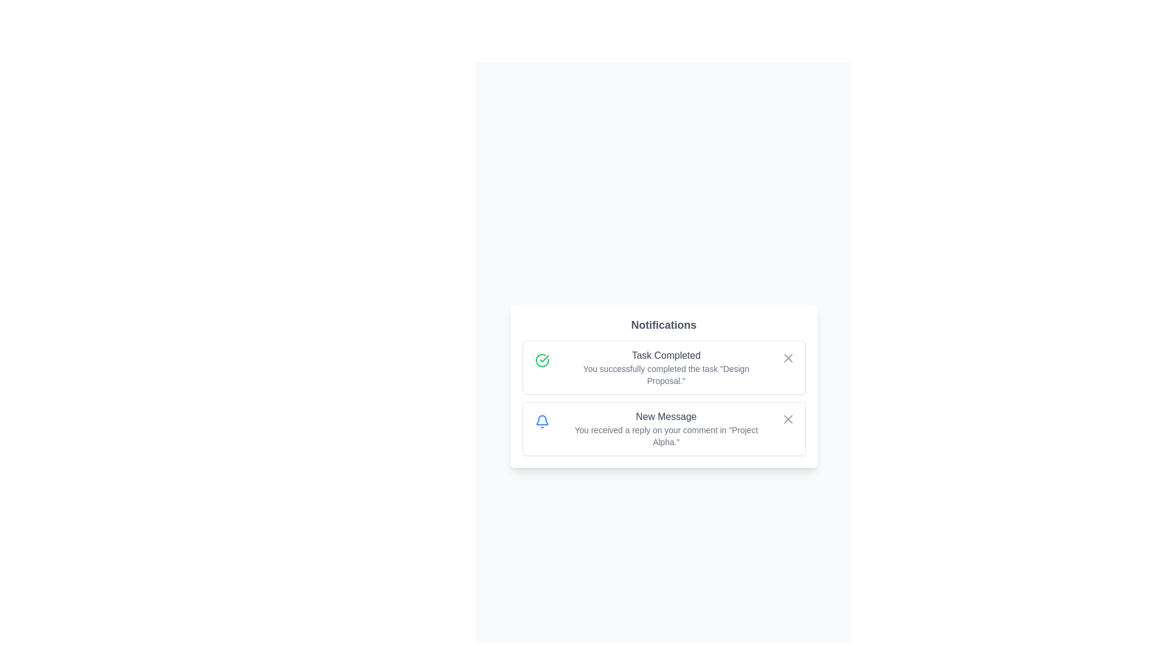 The width and height of the screenshot is (1152, 648). Describe the element at coordinates (788, 418) in the screenshot. I see `the close button of the notification with title New Message` at that location.